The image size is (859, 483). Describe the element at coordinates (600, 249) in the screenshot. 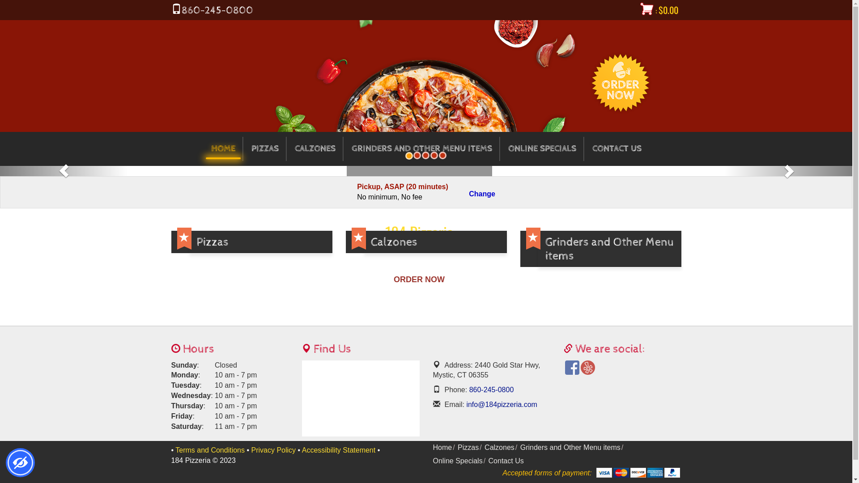

I see `'Grinders and Other Menu items'` at that location.